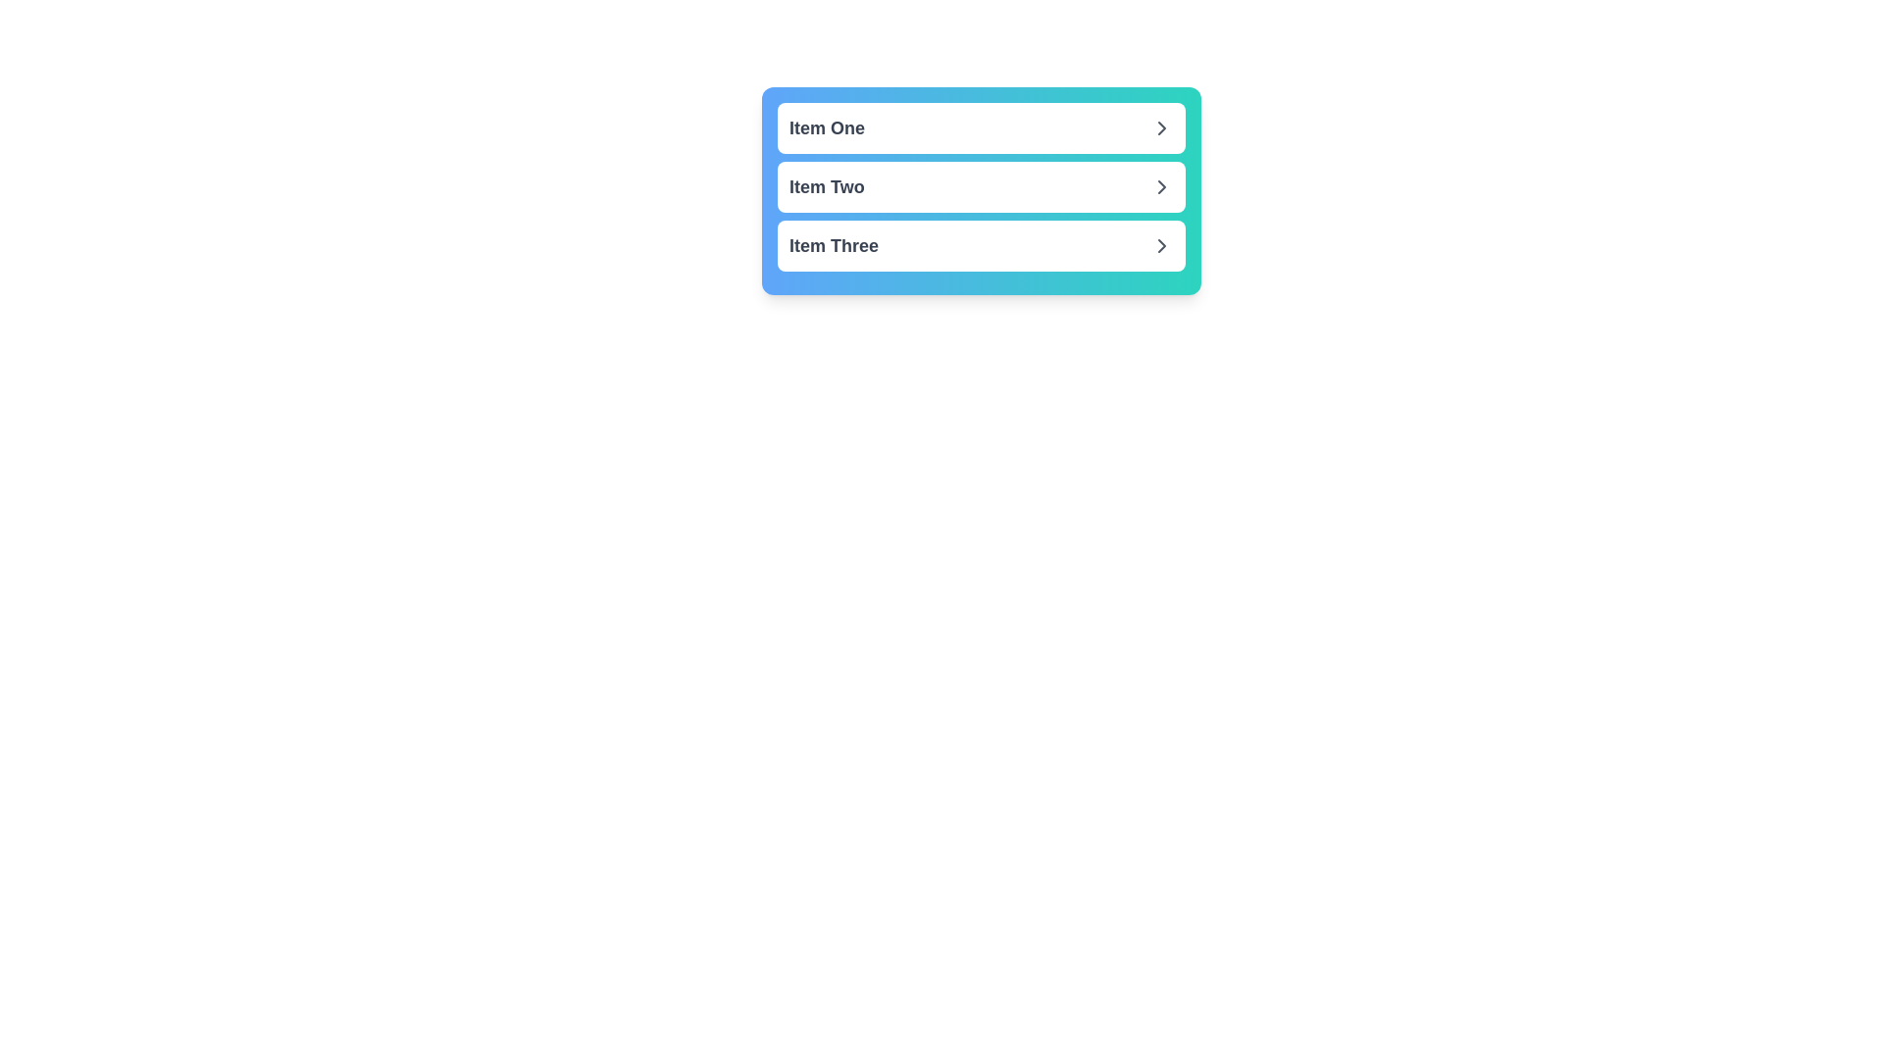 This screenshot has width=1883, height=1059. I want to click on the icon located on the far right side of the 'Item Two' row, which serves as a visual indicator for further interaction, so click(1162, 187).